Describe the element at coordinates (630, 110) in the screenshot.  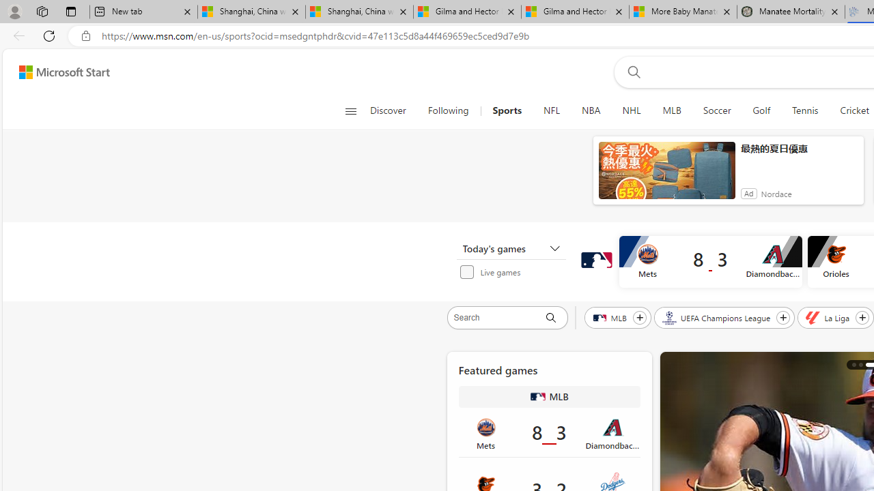
I see `'NHL'` at that location.